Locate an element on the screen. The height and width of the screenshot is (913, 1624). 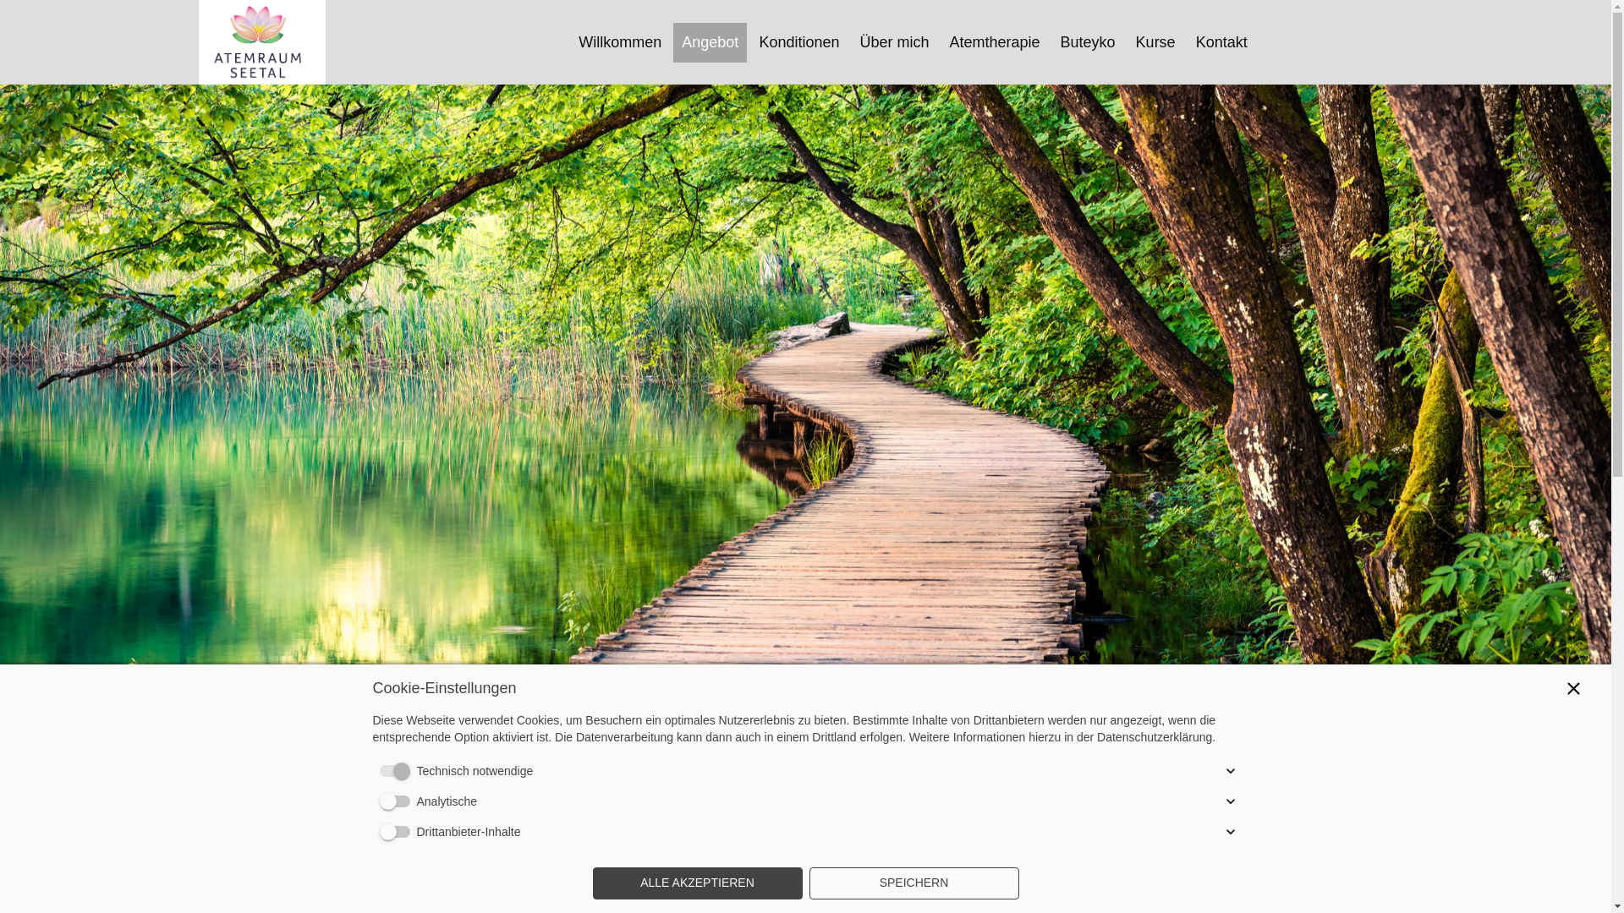
'Kontakt' is located at coordinates (1221, 41).